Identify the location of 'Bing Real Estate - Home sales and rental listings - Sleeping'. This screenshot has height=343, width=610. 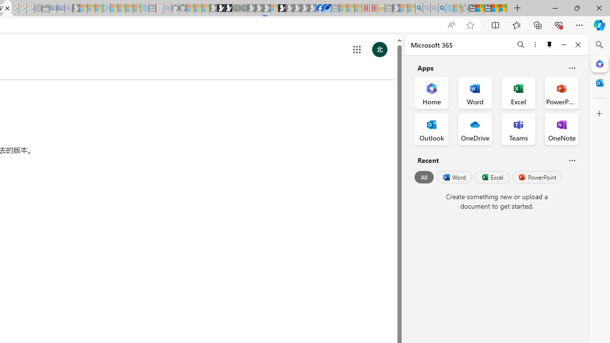
(68, 8).